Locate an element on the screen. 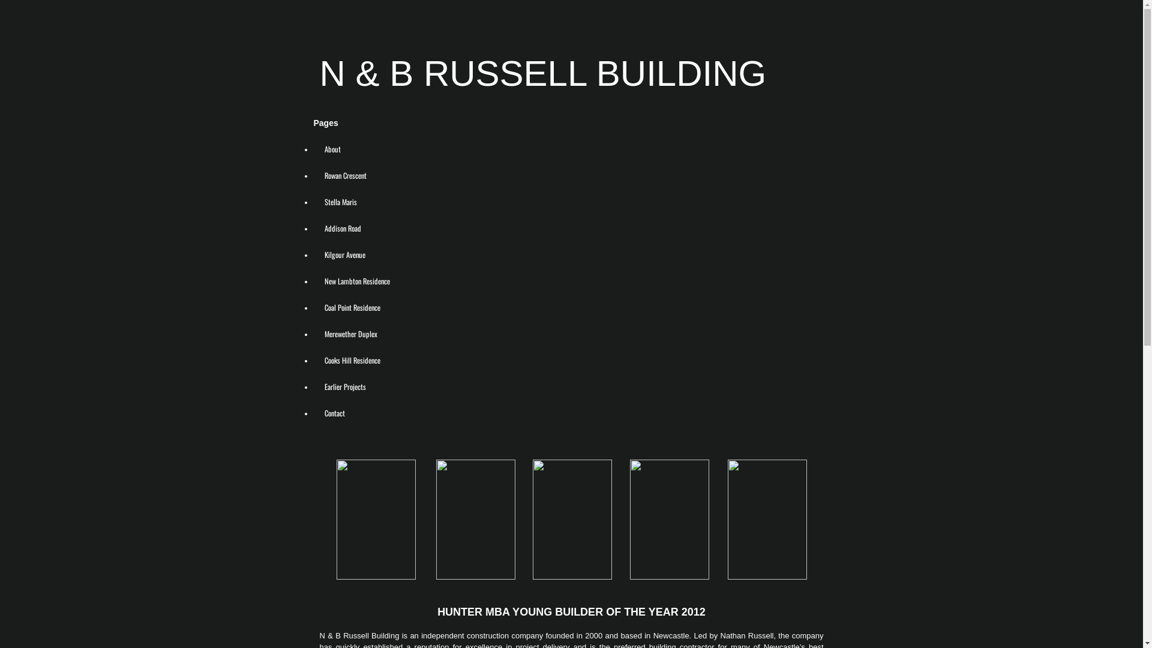  'Coal Point Residence' is located at coordinates (352, 307).